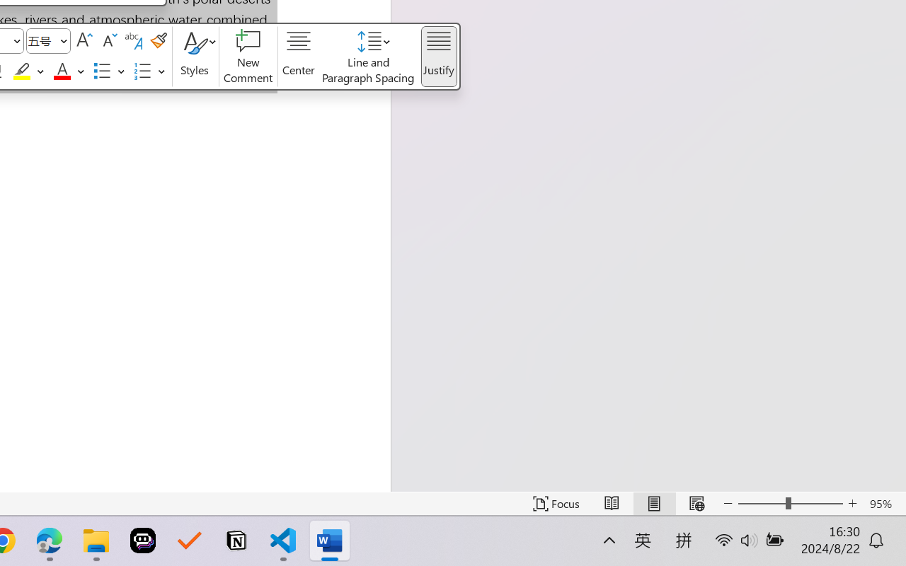 This screenshot has width=906, height=566. What do you see at coordinates (248, 57) in the screenshot?
I see `'New Comment'` at bounding box center [248, 57].